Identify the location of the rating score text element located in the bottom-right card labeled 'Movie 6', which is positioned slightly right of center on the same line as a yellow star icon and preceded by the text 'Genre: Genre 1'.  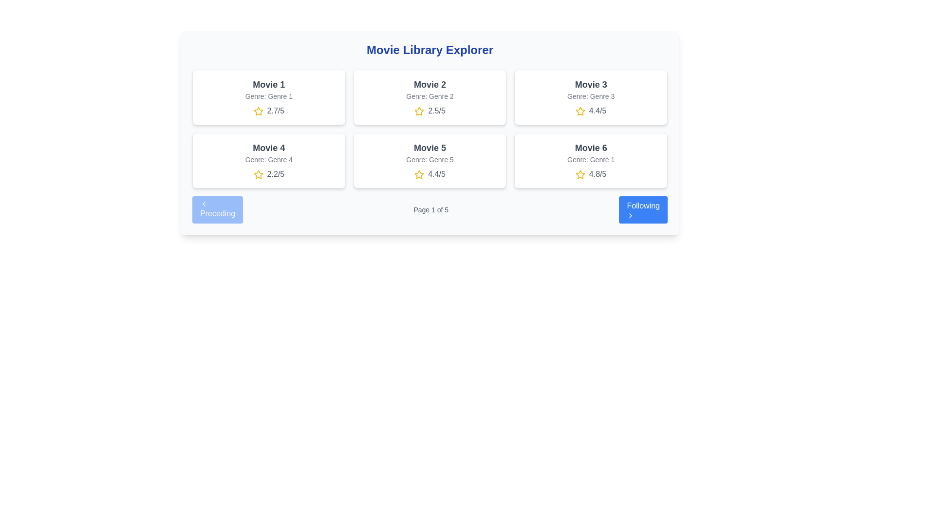
(590, 174).